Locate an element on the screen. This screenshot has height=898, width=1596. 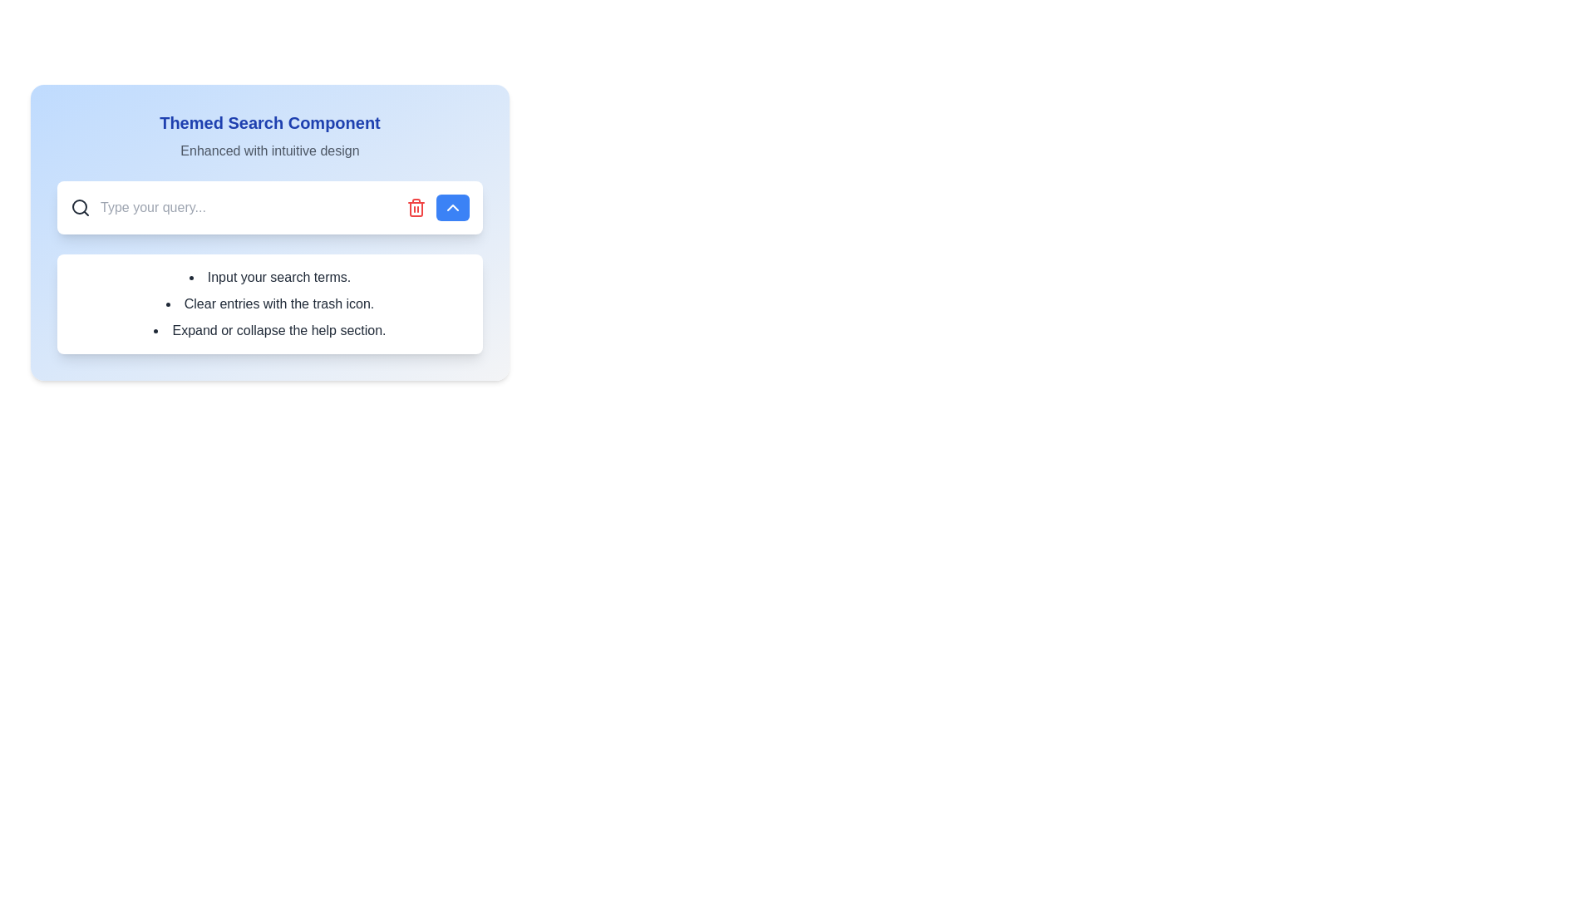
the small, triangular chevron icon pointing upwards located at the center of the blue button to the right of the input field is located at coordinates (453, 207).